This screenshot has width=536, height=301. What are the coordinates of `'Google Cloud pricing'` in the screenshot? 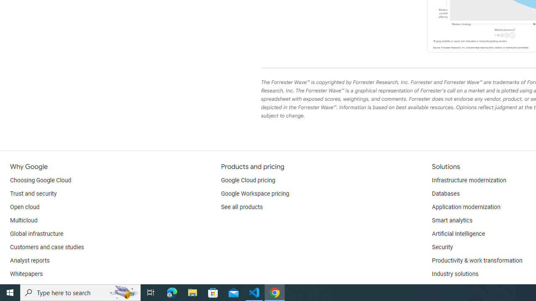 It's located at (247, 180).